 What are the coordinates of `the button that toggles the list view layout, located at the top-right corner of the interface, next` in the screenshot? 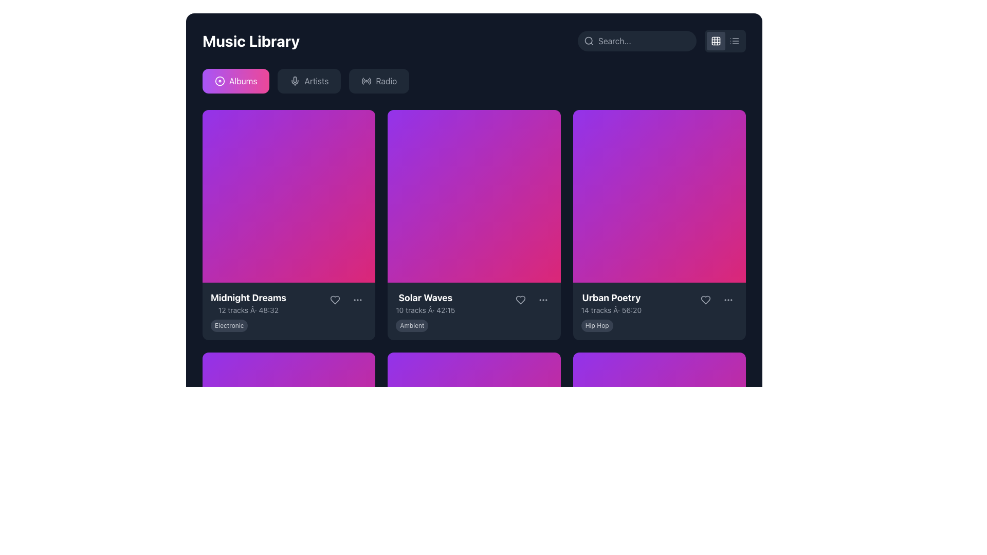 It's located at (734, 41).